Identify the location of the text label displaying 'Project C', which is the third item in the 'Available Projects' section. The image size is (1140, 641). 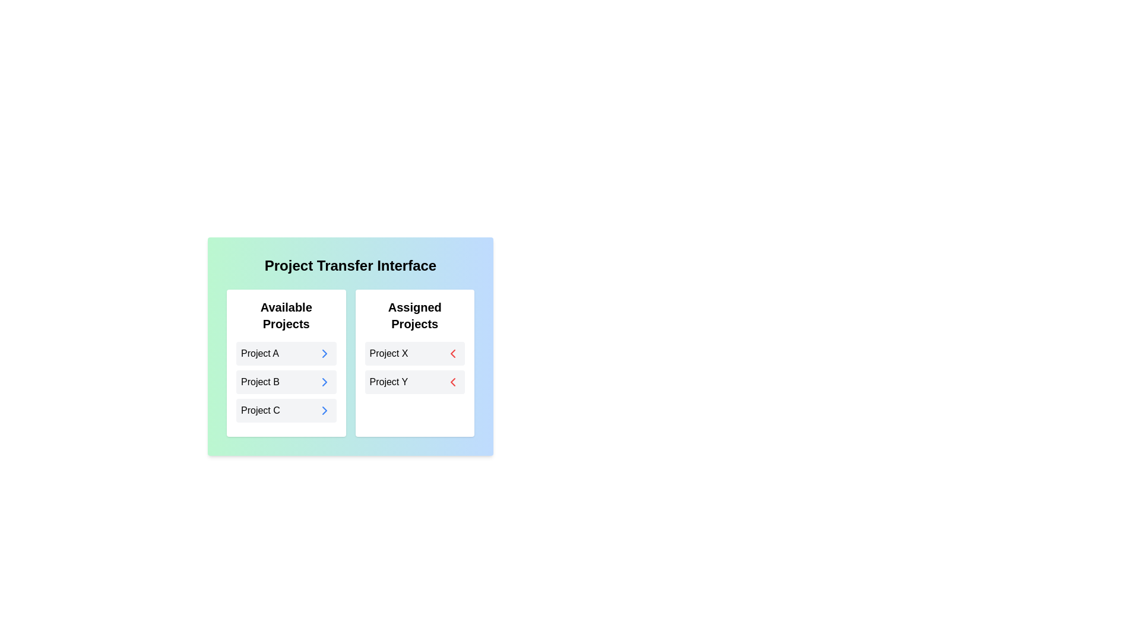
(259, 410).